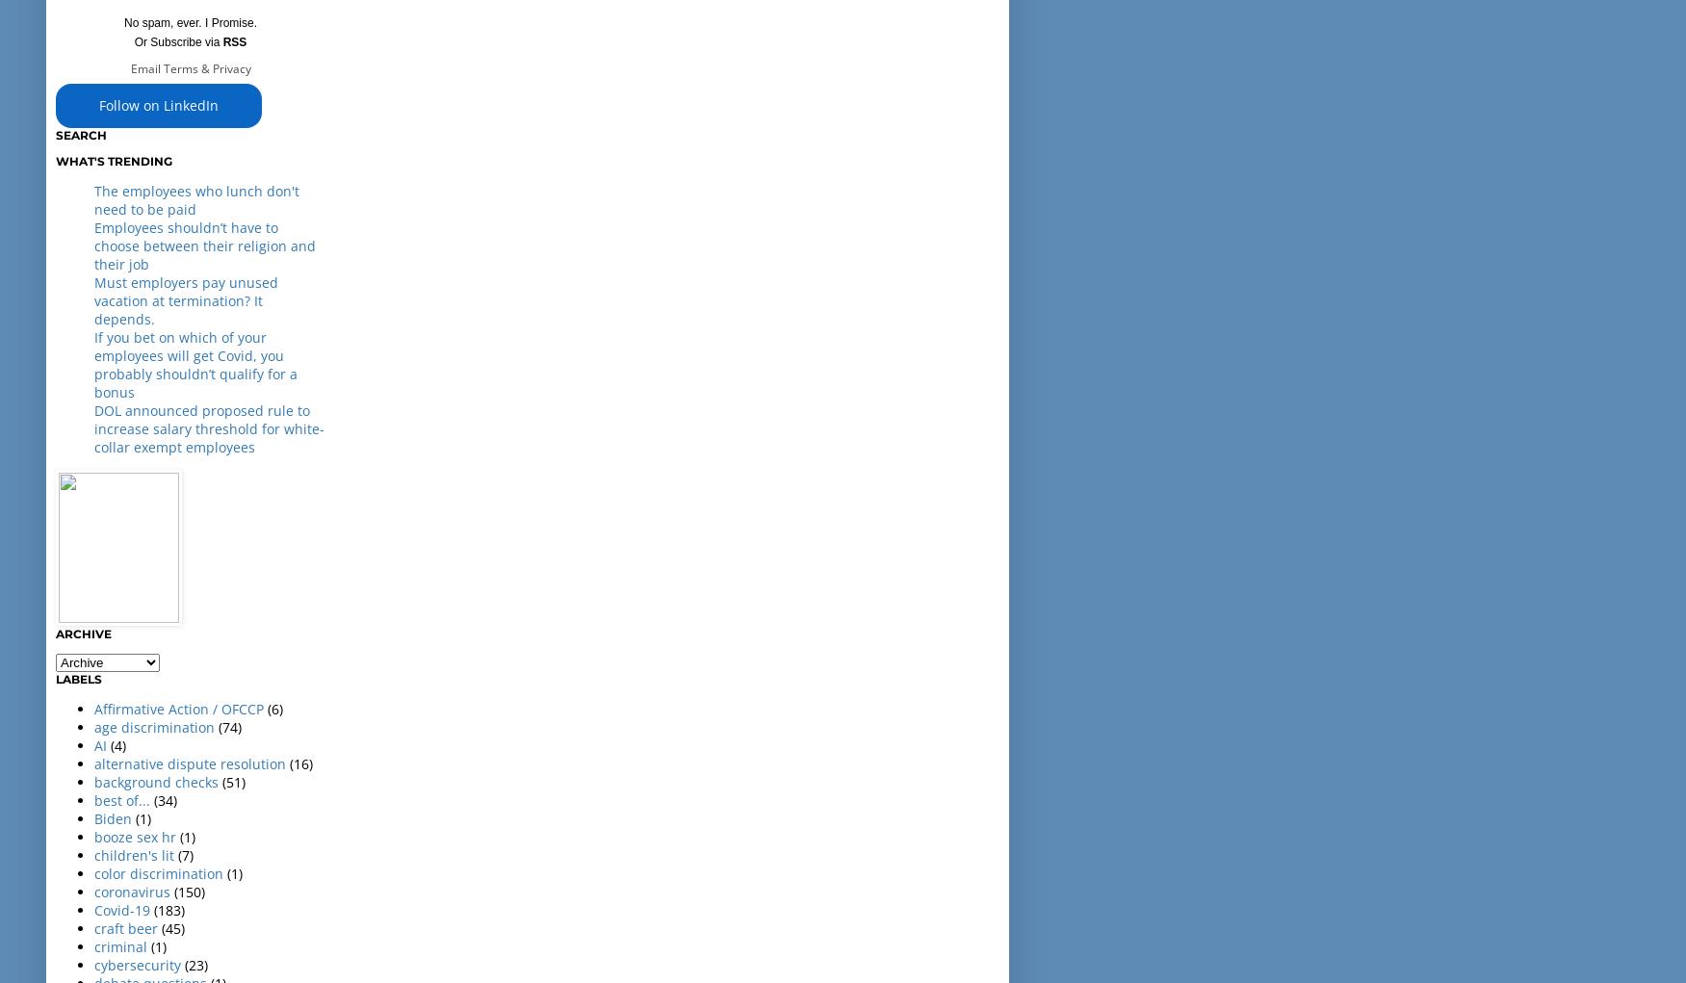 This screenshot has width=1686, height=983. Describe the element at coordinates (93, 780) in the screenshot. I see `'background checks'` at that location.